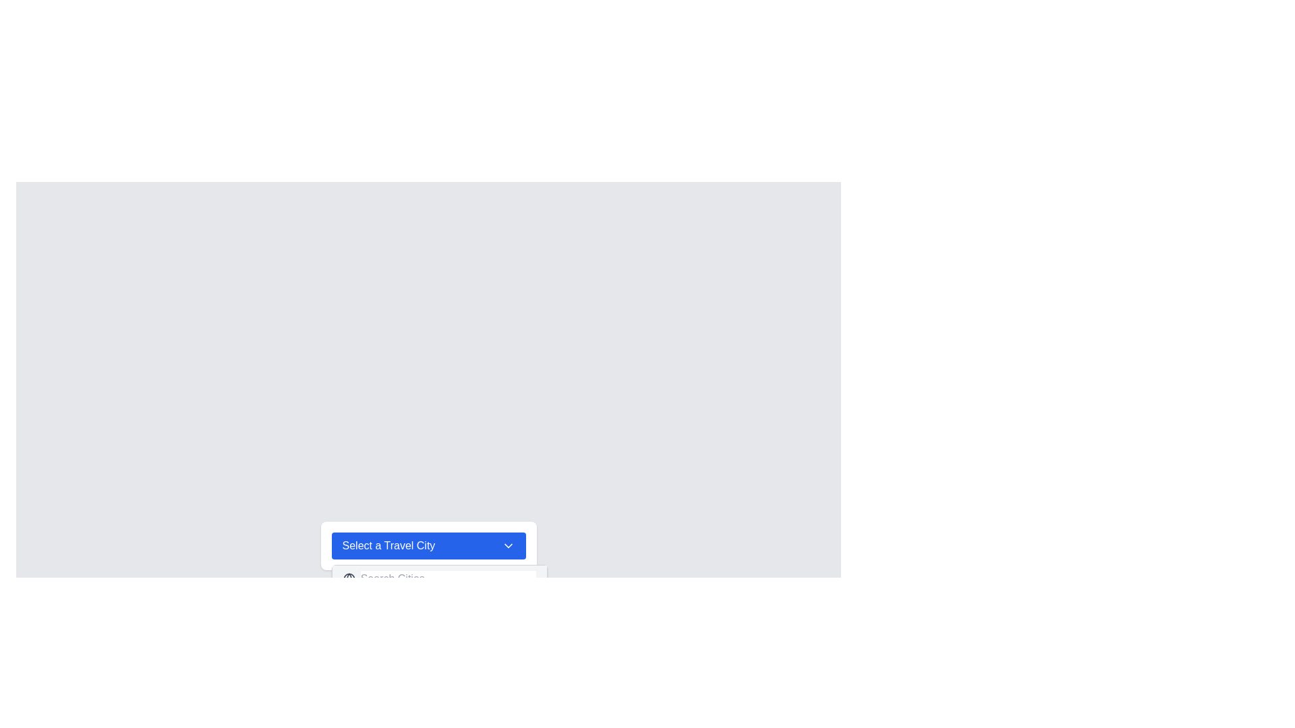 The height and width of the screenshot is (728, 1295). I want to click on the globe icon, which is an SVG representation located to the left of the 'Search Cities' input box on a gray background bar, so click(349, 578).